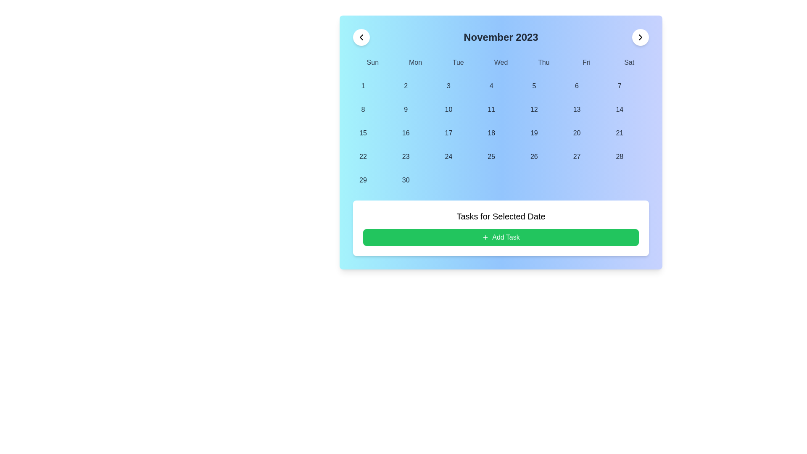  What do you see at coordinates (491, 109) in the screenshot?
I see `the button representing the 11th day of the month in the calendar` at bounding box center [491, 109].